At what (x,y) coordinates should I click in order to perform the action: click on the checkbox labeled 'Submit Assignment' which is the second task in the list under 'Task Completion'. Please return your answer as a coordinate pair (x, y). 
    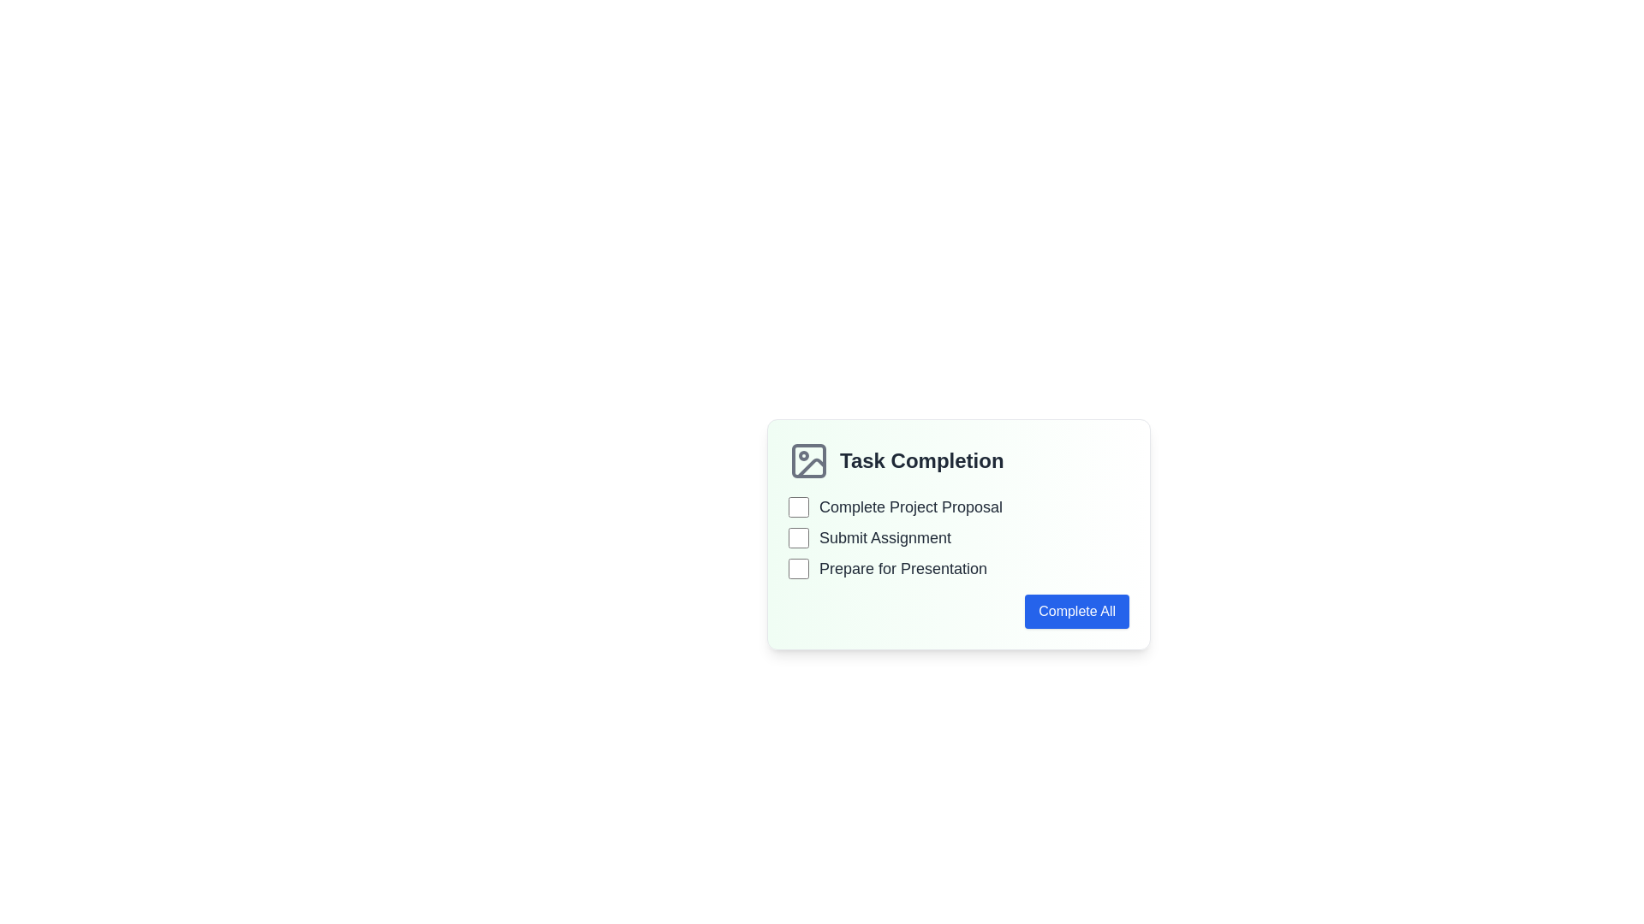
    Looking at the image, I should click on (957, 536).